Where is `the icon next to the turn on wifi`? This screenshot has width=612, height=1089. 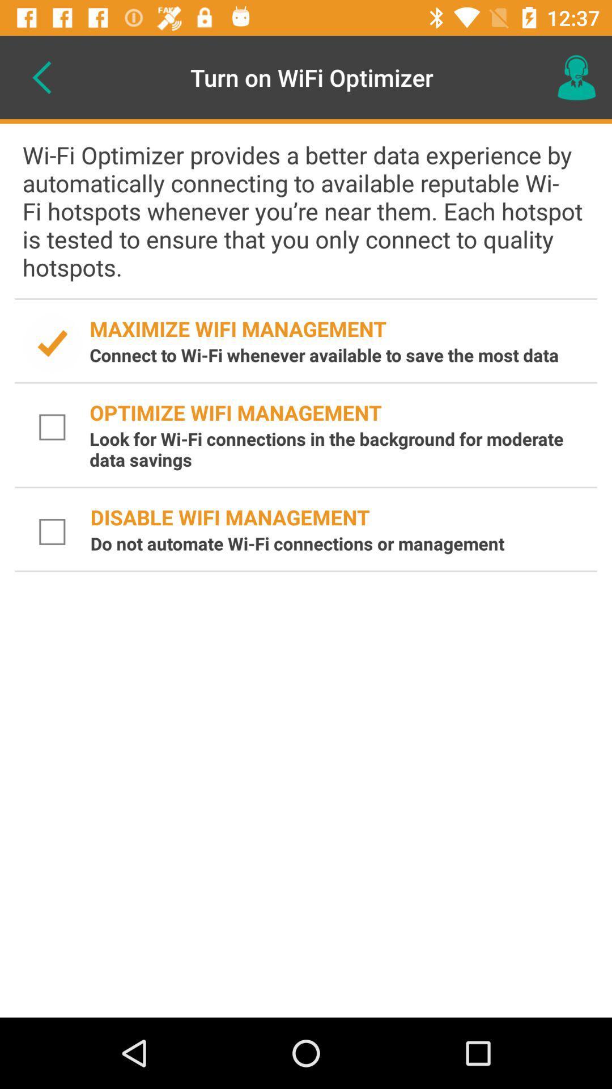 the icon next to the turn on wifi is located at coordinates (576, 77).